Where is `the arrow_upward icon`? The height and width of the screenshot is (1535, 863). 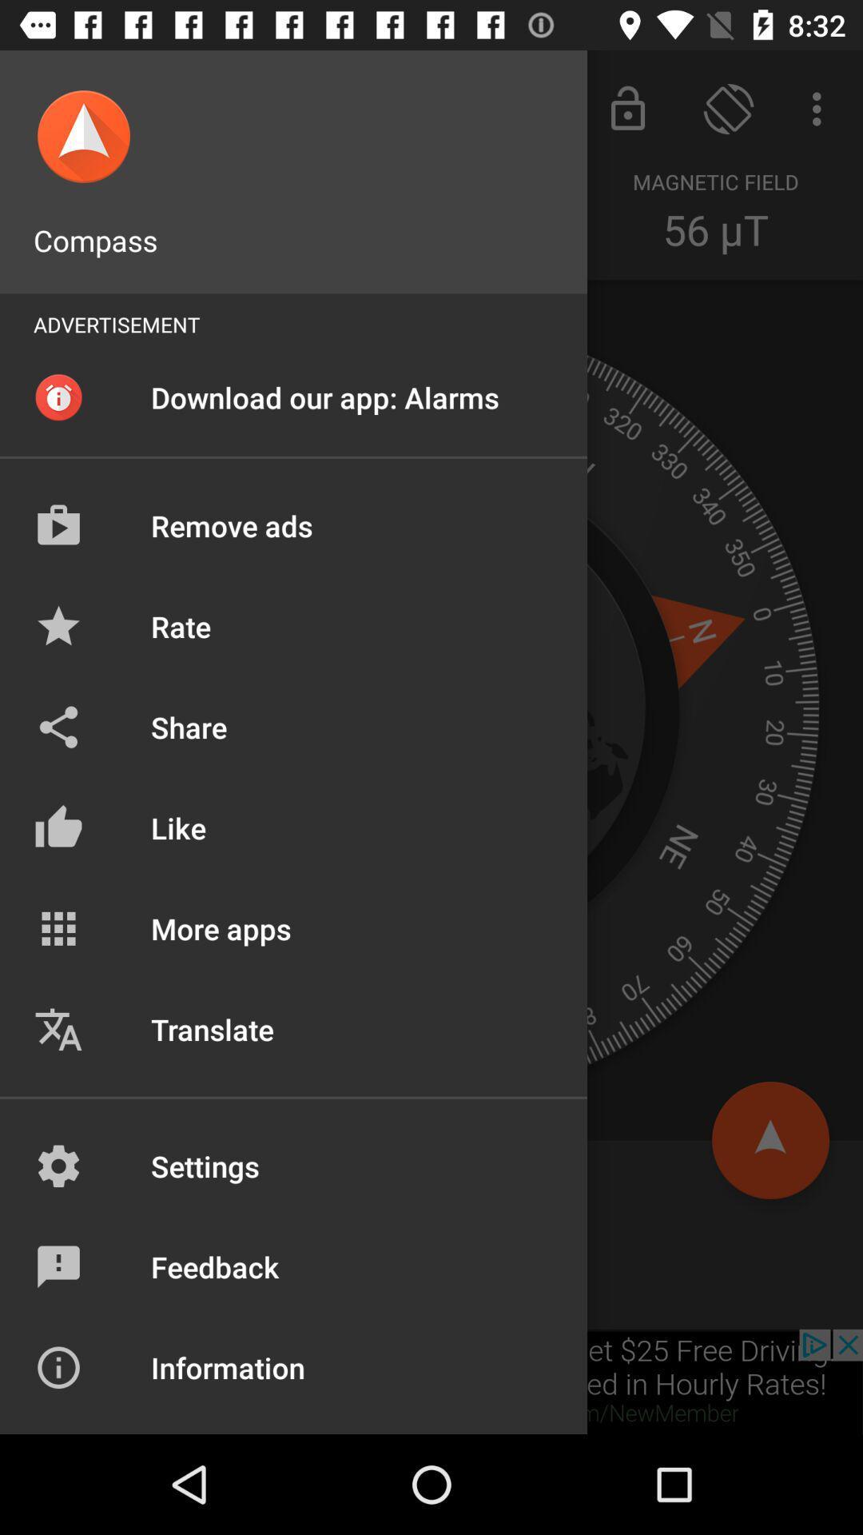 the arrow_upward icon is located at coordinates (770, 1139).